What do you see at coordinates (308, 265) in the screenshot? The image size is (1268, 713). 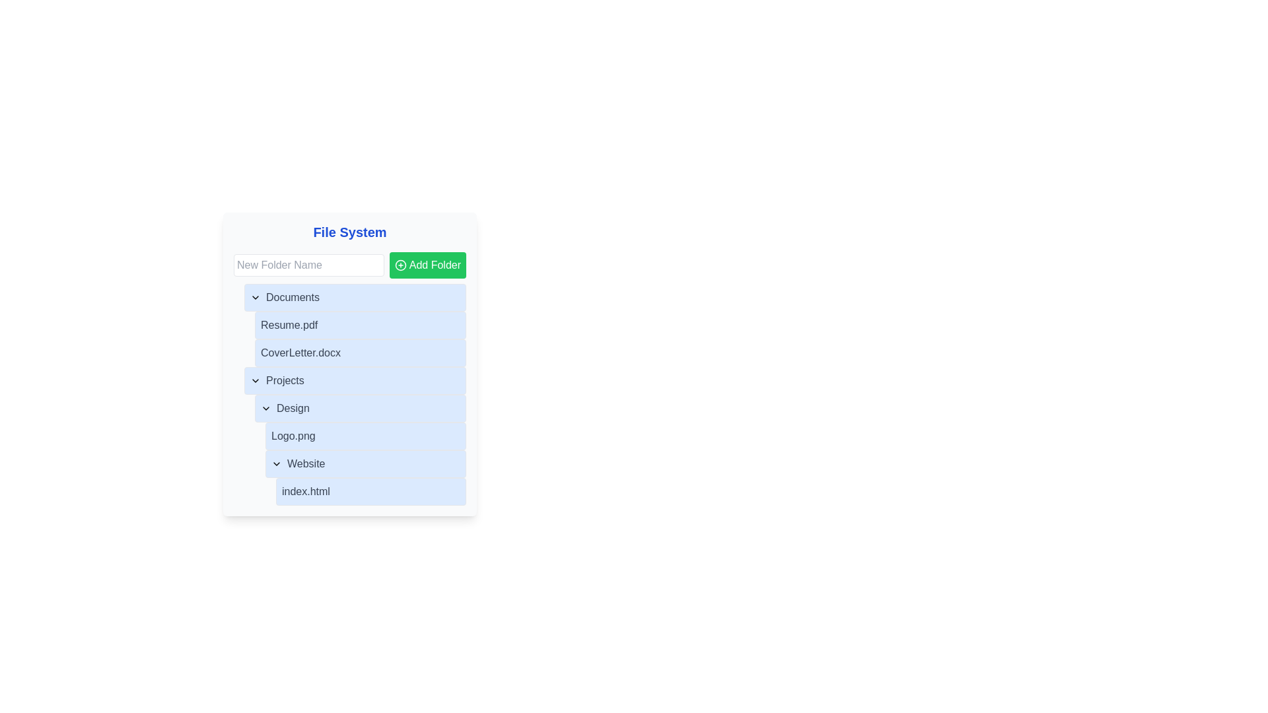 I see `the text input field labeled 'New Folder Name' to focus it, which is located under the 'File System' title and adjacent to the 'Add Folder' button` at bounding box center [308, 265].